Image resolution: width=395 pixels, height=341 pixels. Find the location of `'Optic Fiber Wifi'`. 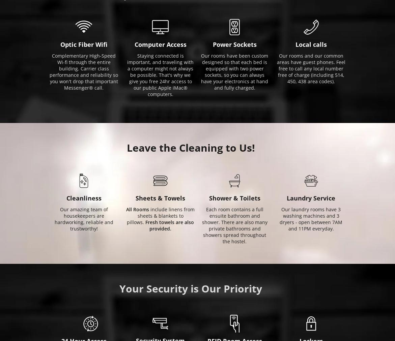

'Optic Fiber Wifi' is located at coordinates (84, 44).